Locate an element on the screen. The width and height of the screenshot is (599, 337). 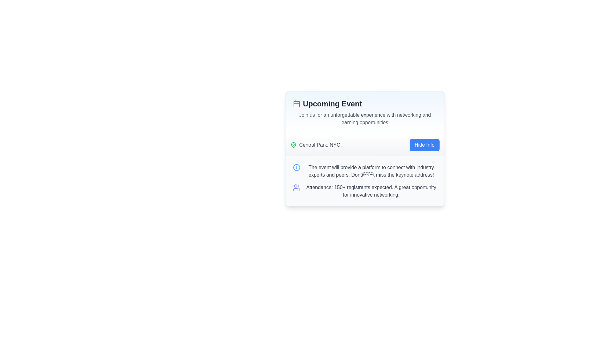
the graphical circular component that serves as the outer boundary of the information icon, which is centrally located within the icon and aligned to the left of the 'Upcoming Event' header is located at coordinates (296, 167).